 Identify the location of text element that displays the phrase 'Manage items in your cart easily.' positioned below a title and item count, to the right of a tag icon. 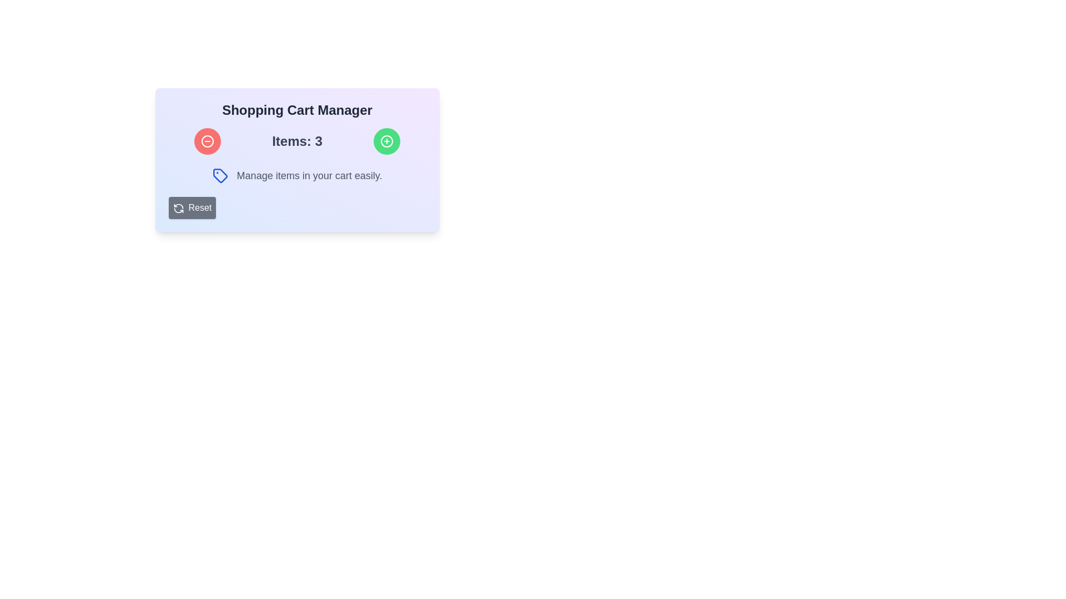
(309, 175).